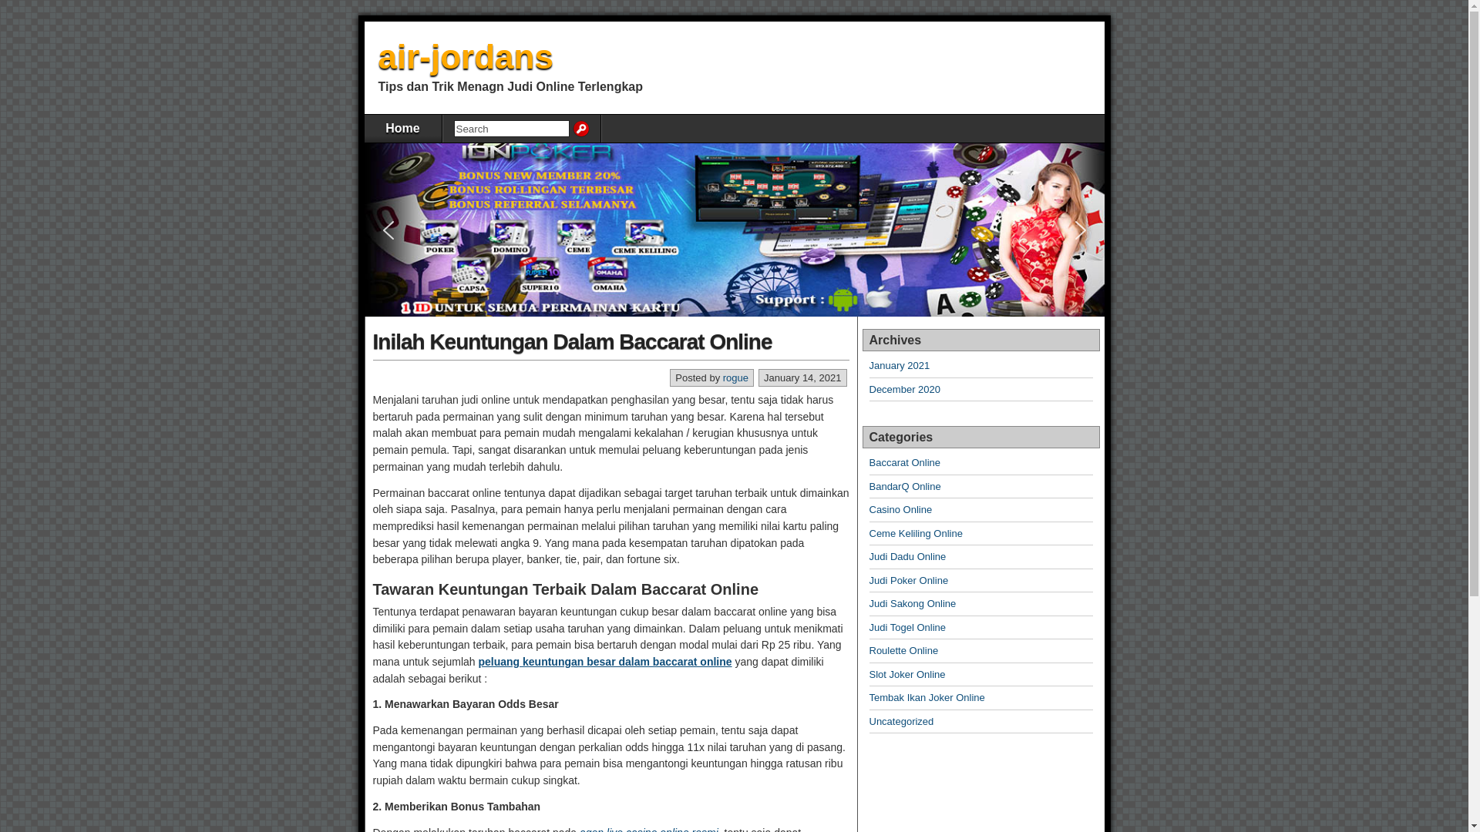  I want to click on 'peluang keuntungan besar dalam baccarat online', so click(476, 661).